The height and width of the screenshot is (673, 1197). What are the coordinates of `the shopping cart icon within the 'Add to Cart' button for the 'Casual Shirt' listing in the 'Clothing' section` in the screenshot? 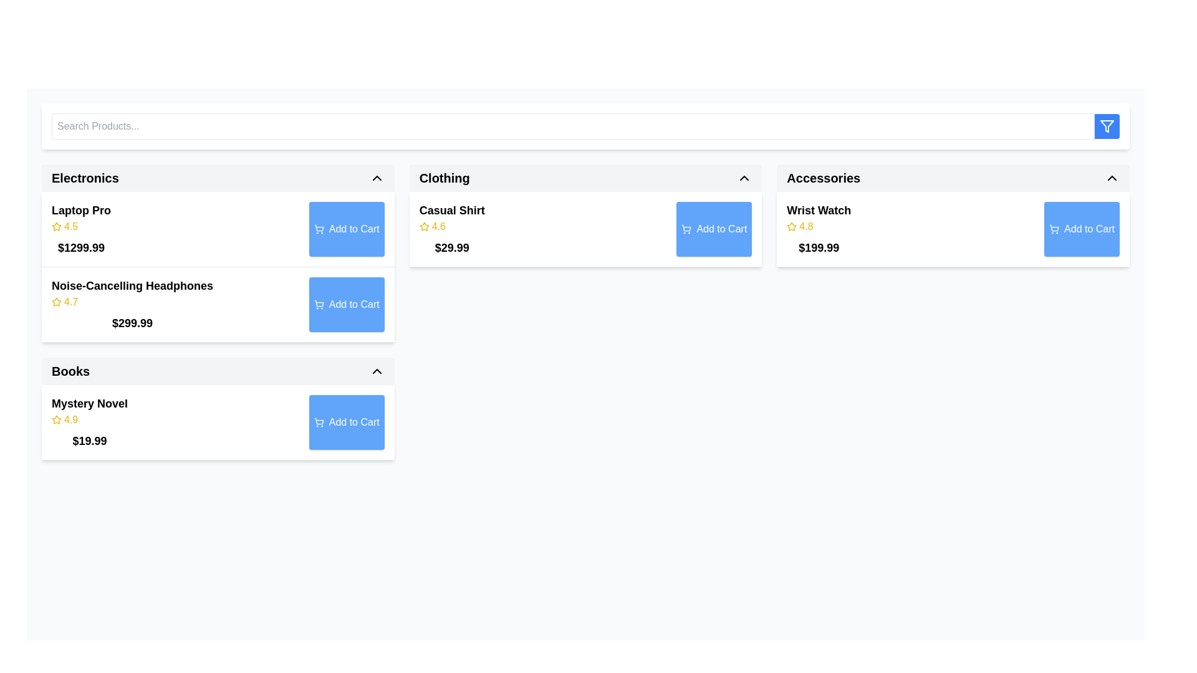 It's located at (686, 229).